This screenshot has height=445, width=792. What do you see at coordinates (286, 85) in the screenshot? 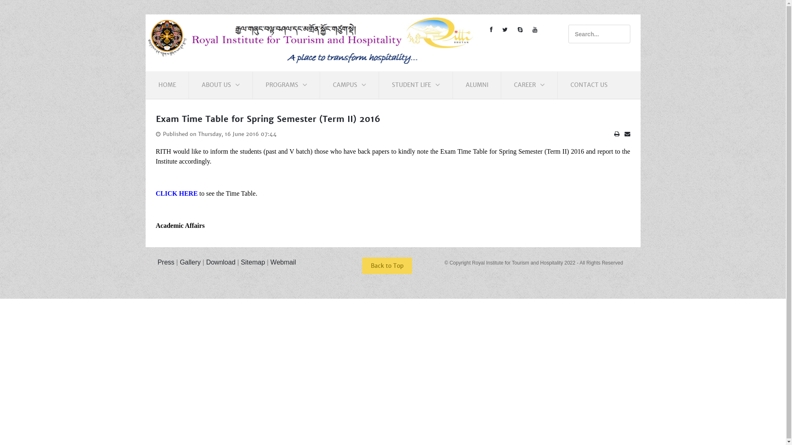
I see `'PROGRAMS'` at bounding box center [286, 85].